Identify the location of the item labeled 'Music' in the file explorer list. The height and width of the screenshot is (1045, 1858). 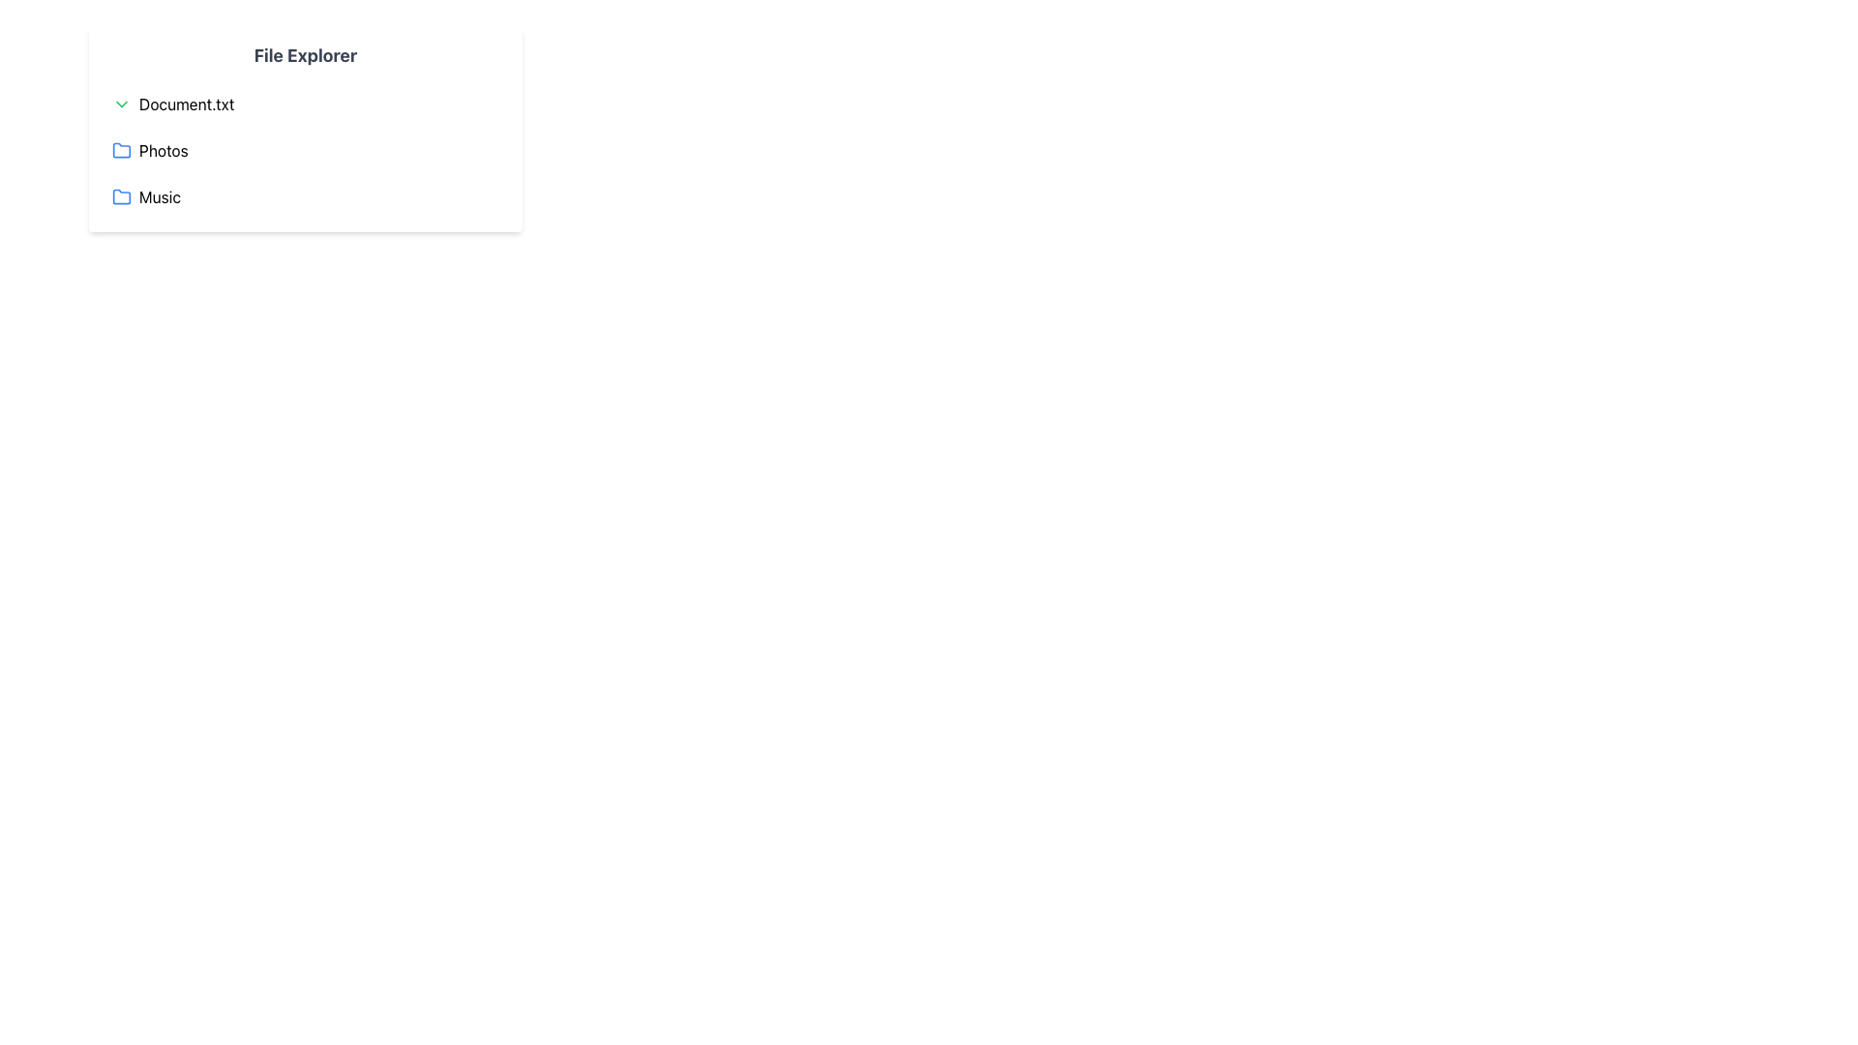
(305, 197).